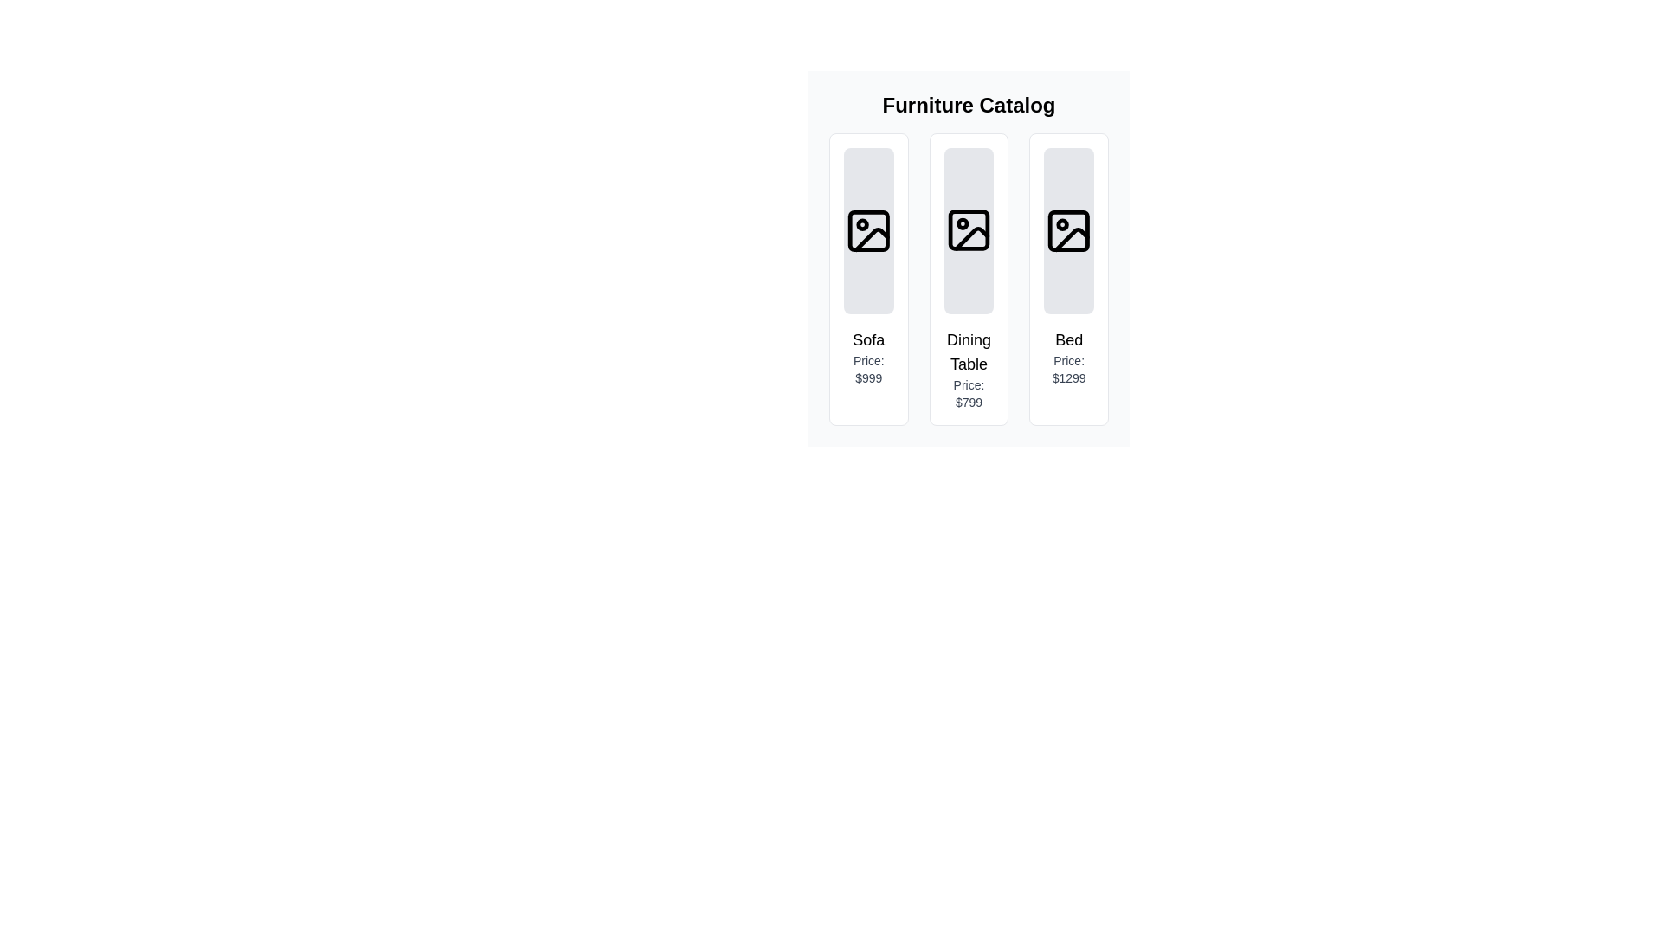 The height and width of the screenshot is (935, 1662). What do you see at coordinates (1068, 340) in the screenshot?
I see `the 'Bed' text label located in the card representing a furniture item, positioned below the image placeholder and above the price information` at bounding box center [1068, 340].